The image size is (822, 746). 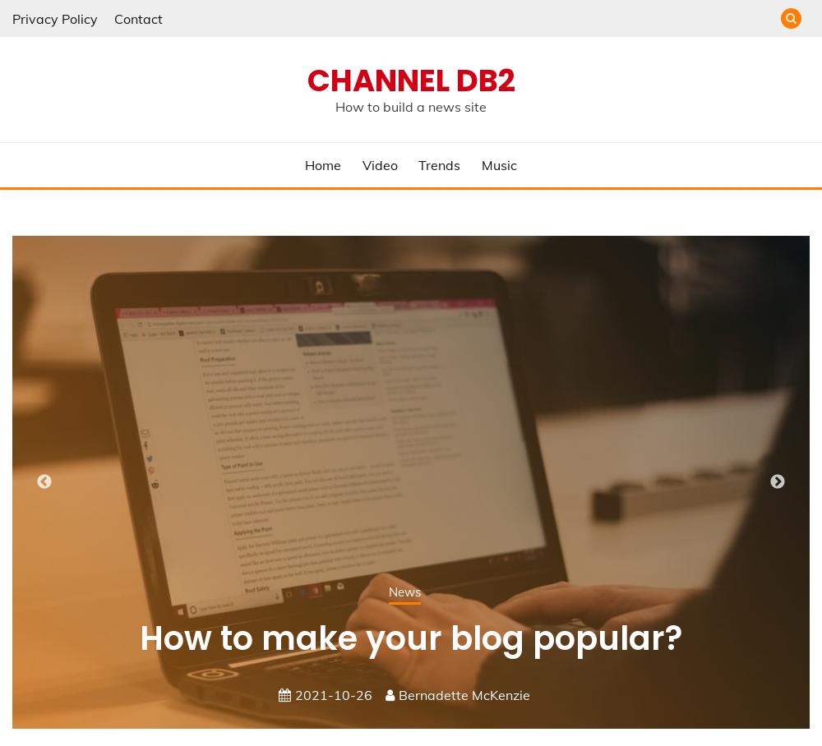 I want to click on 'Channel DB2', so click(x=409, y=79).